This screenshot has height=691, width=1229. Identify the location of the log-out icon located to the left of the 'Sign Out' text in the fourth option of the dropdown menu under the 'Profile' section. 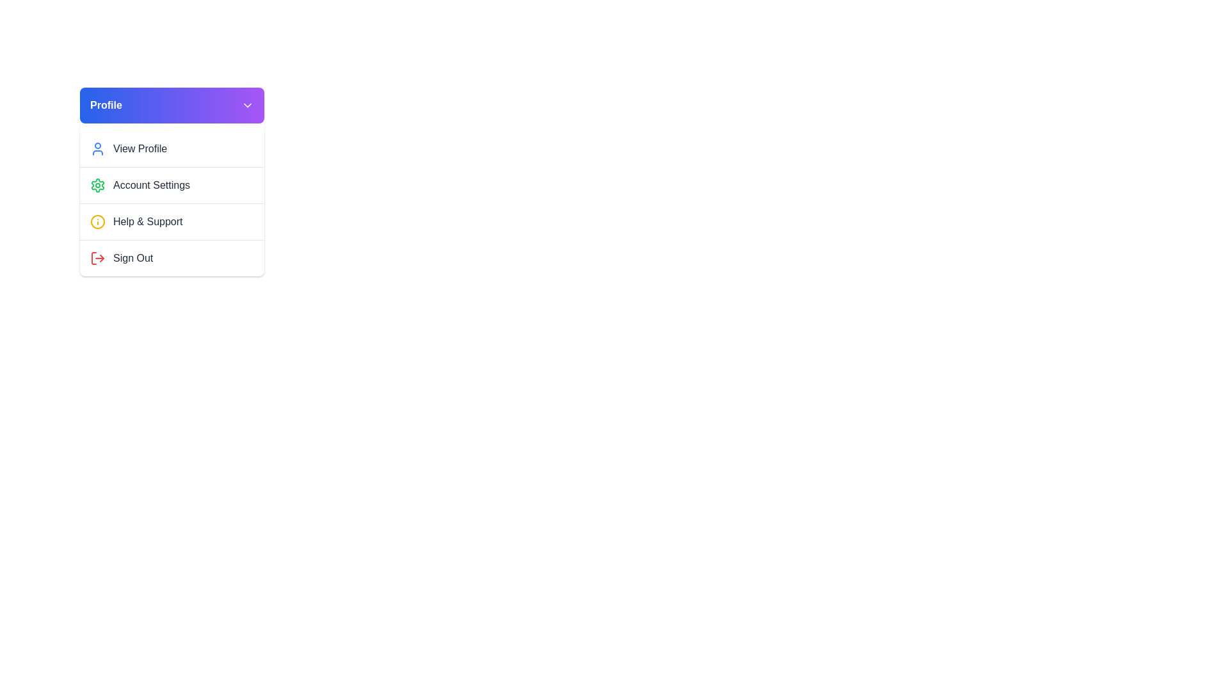
(97, 258).